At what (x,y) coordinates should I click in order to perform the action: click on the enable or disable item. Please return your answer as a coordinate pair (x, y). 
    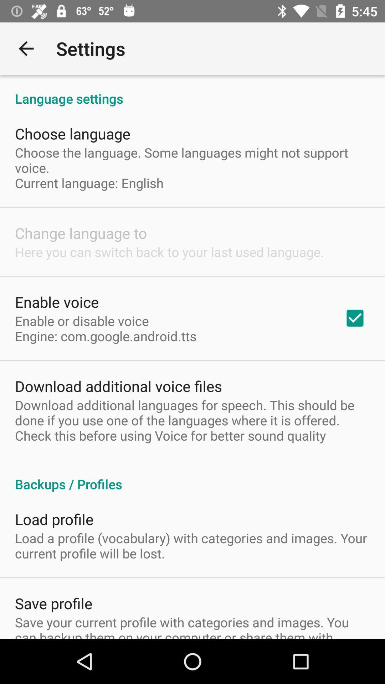
    Looking at the image, I should click on (106, 328).